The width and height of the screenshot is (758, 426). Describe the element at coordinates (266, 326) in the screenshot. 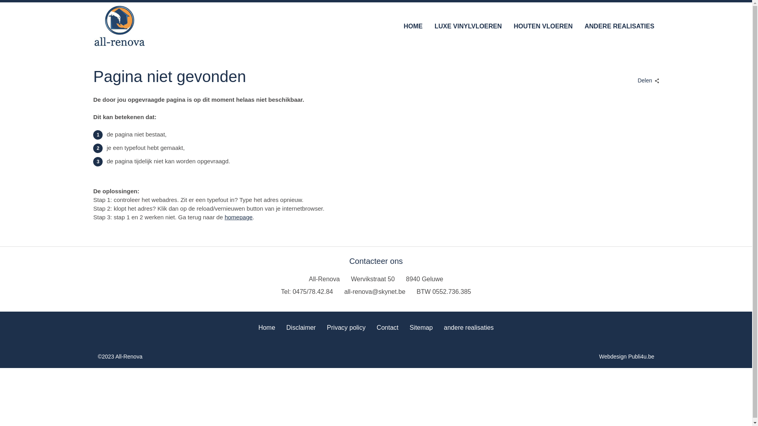

I see `'Home'` at that location.